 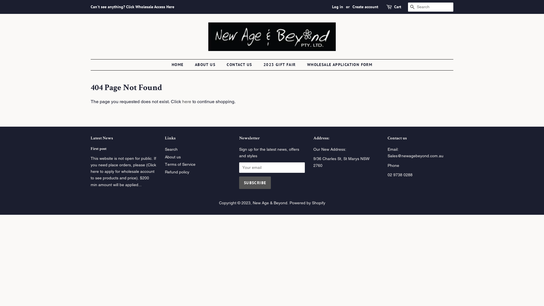 I want to click on '2023 GIFT FAIR', so click(x=280, y=64).